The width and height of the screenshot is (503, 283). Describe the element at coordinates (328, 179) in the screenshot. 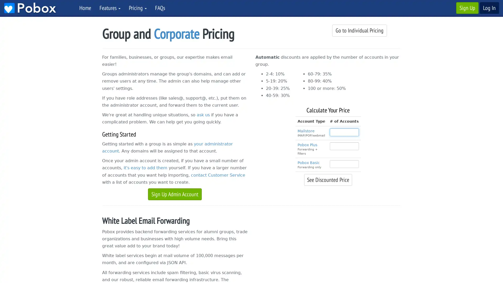

I see `See Discounted Price` at that location.